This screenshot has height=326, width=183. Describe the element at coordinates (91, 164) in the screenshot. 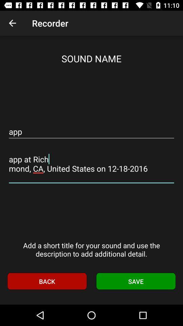

I see `app at rich` at that location.